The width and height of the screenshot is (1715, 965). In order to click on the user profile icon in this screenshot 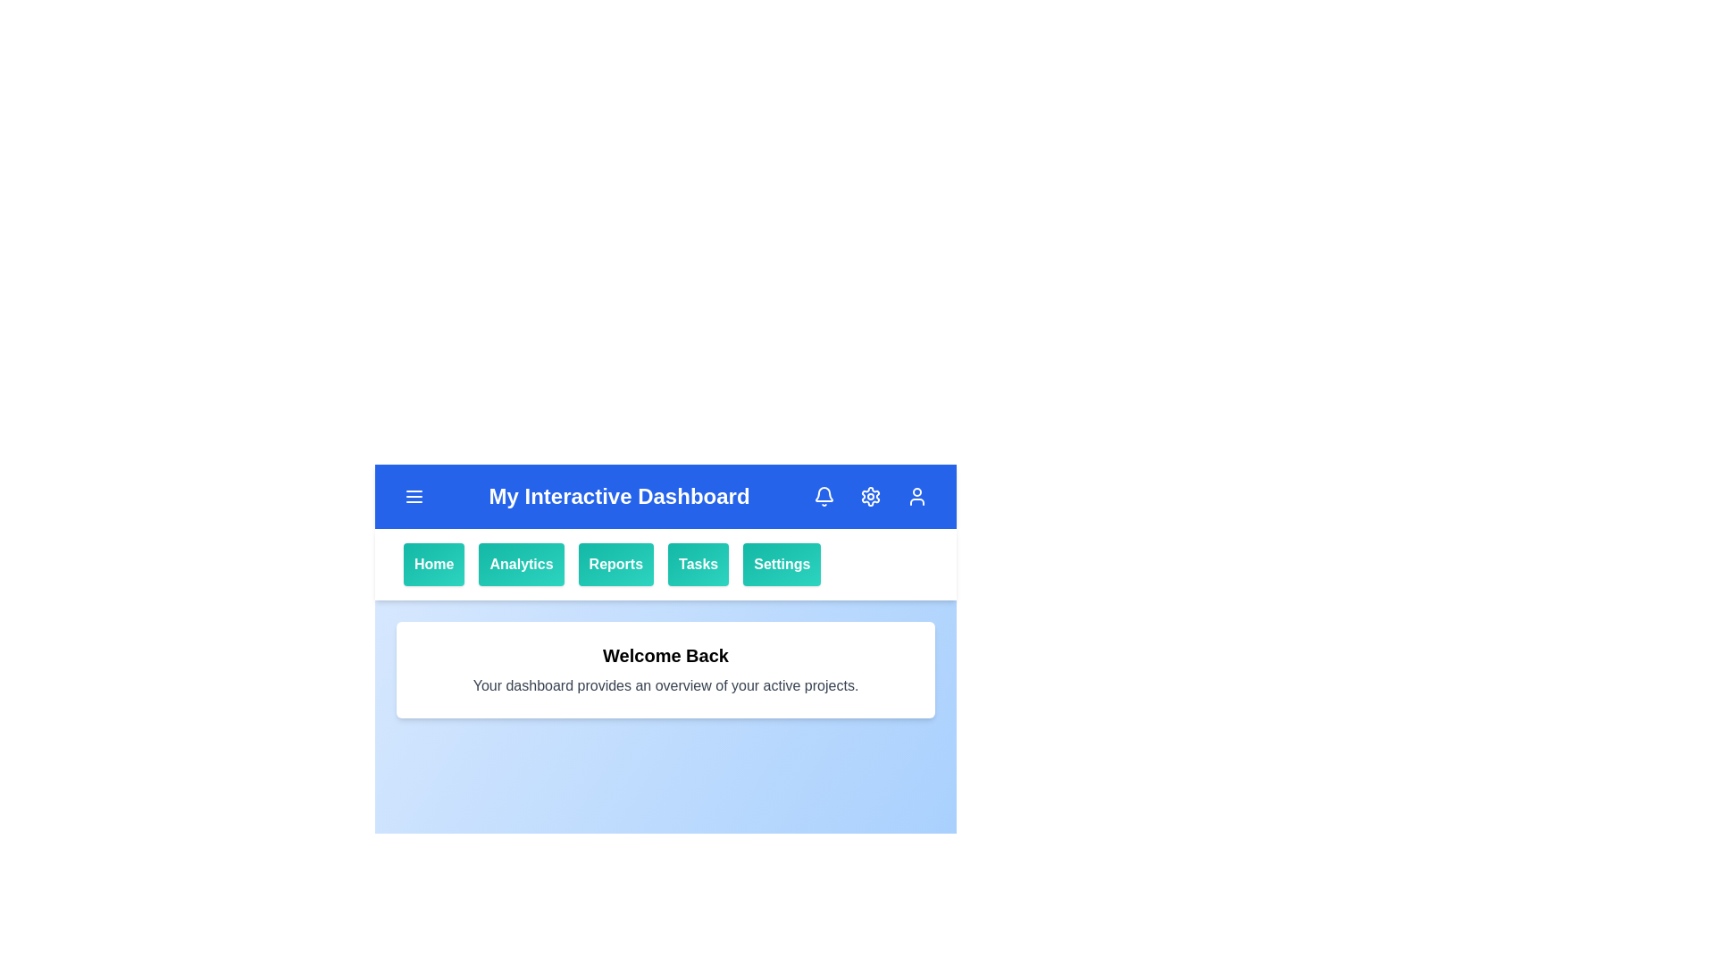, I will do `click(917, 496)`.